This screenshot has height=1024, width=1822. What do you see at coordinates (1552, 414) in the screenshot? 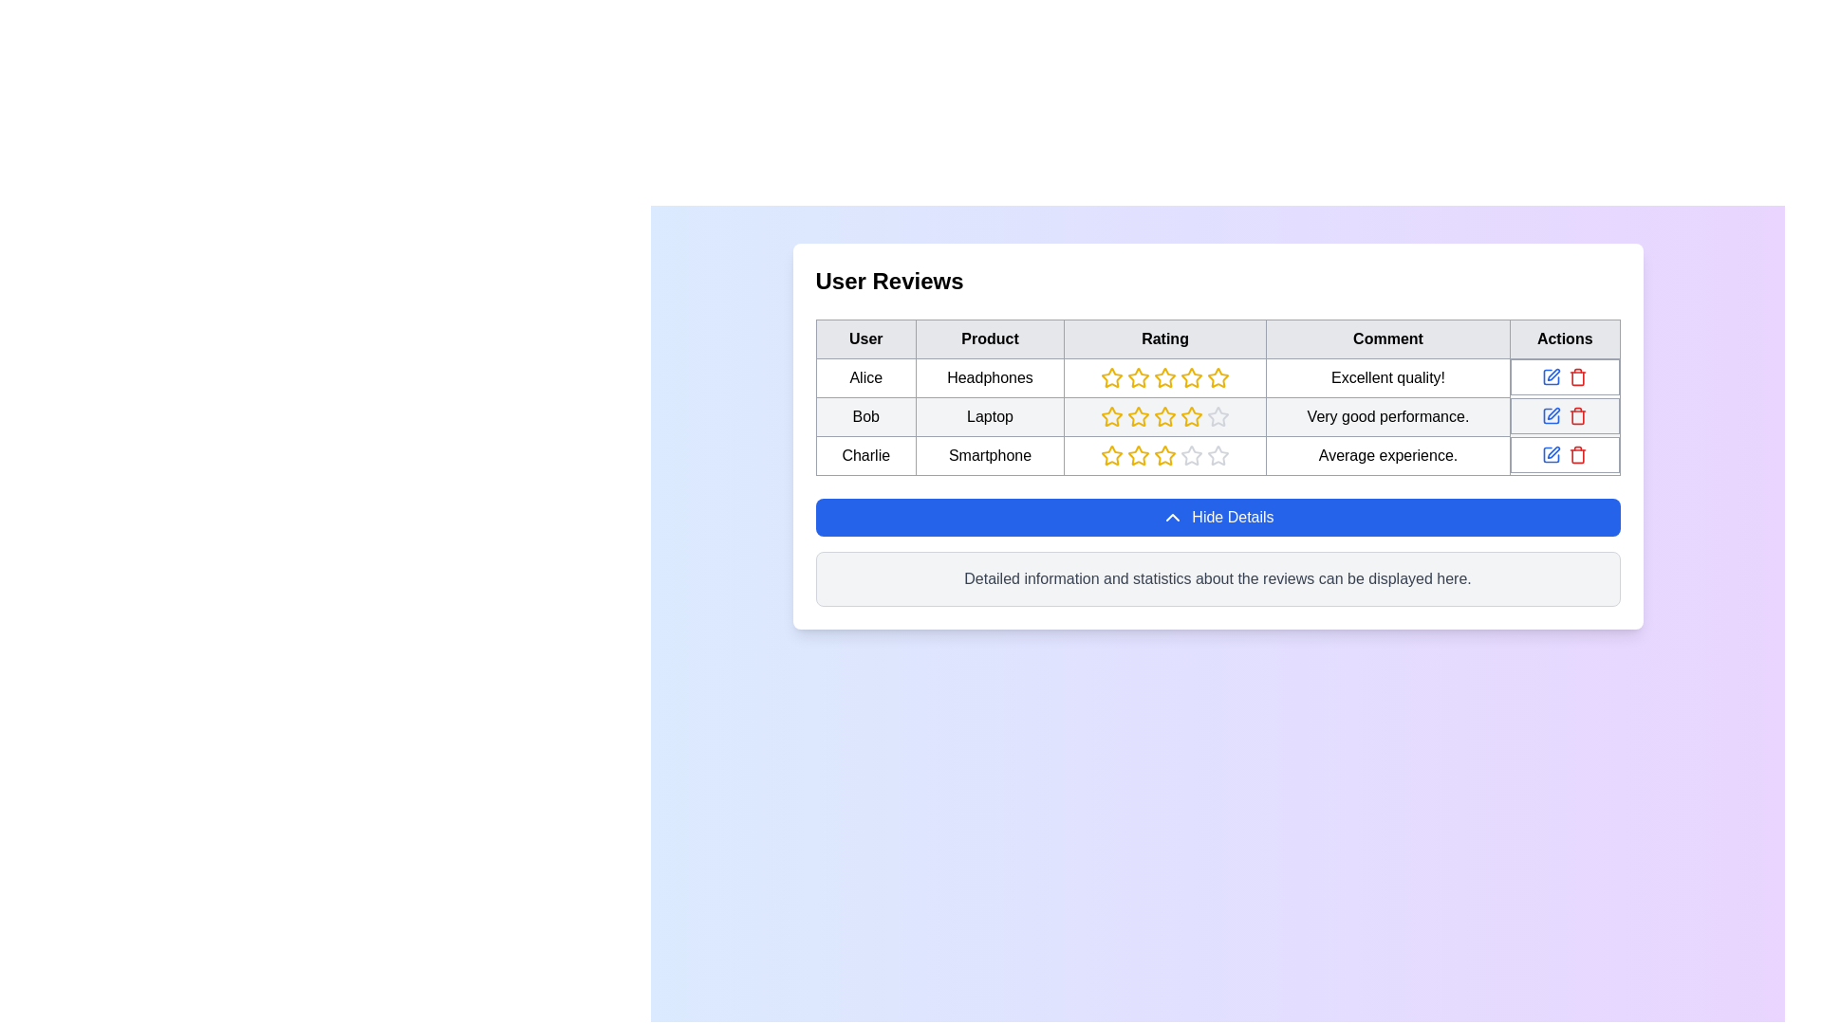
I see `the edit button in the Actions column of the table for the review by user 'Bob' on the product 'Laptop'` at bounding box center [1552, 414].